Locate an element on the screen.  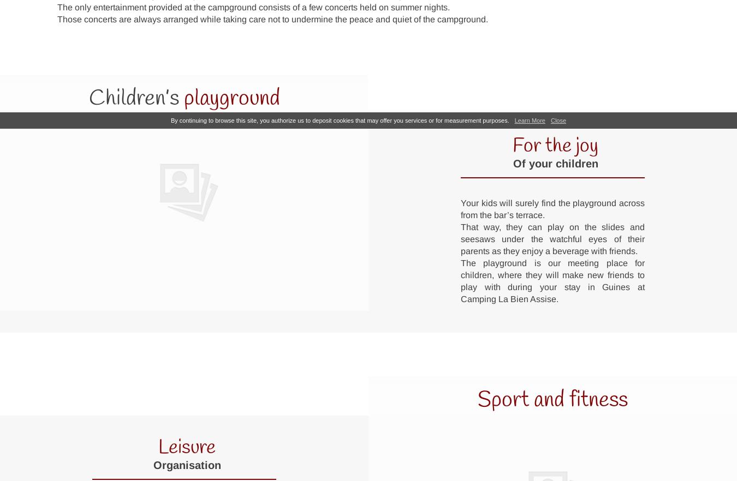
'Close' is located at coordinates (558, 120).